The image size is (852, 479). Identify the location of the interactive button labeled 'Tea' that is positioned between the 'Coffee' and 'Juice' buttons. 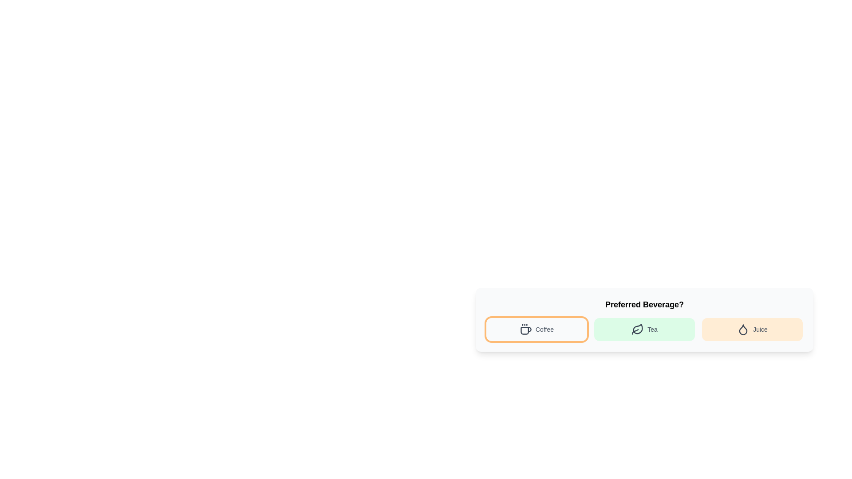
(644, 330).